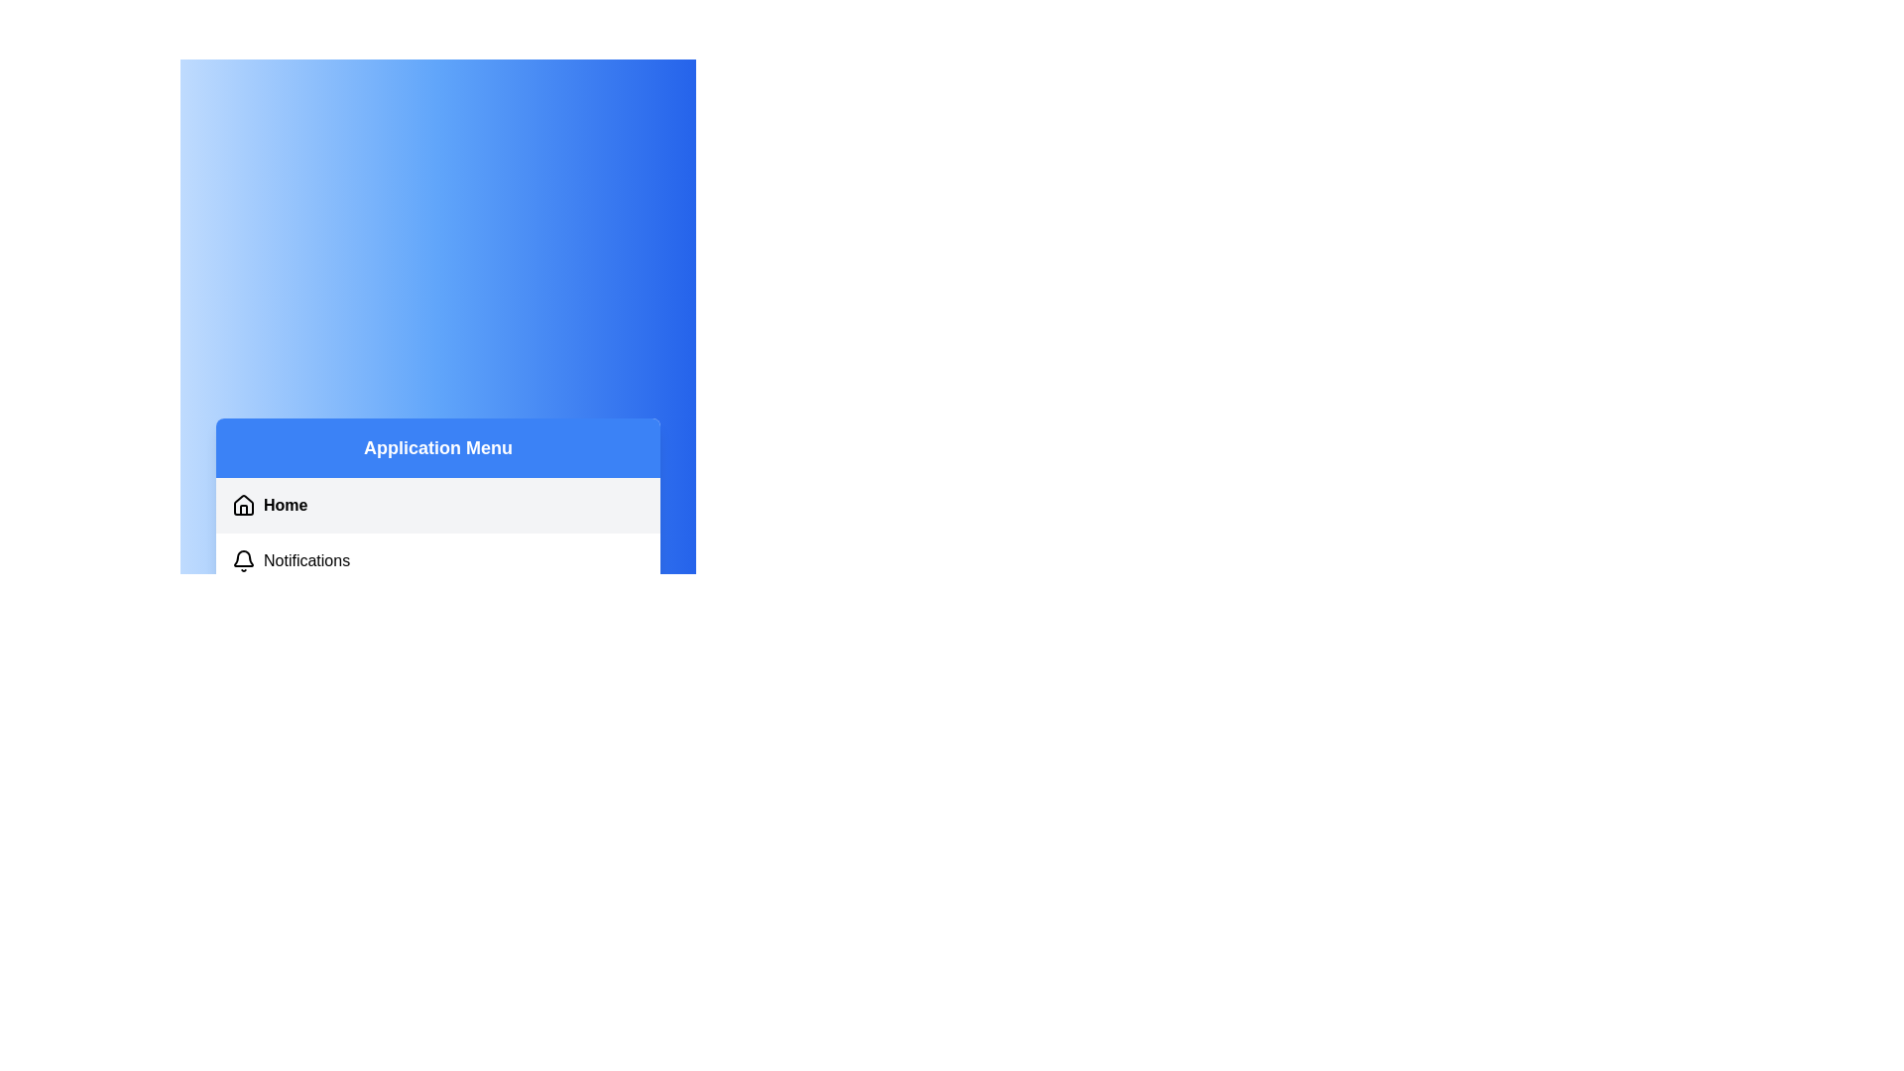  I want to click on the menu item labeled Home to select it, so click(436, 504).